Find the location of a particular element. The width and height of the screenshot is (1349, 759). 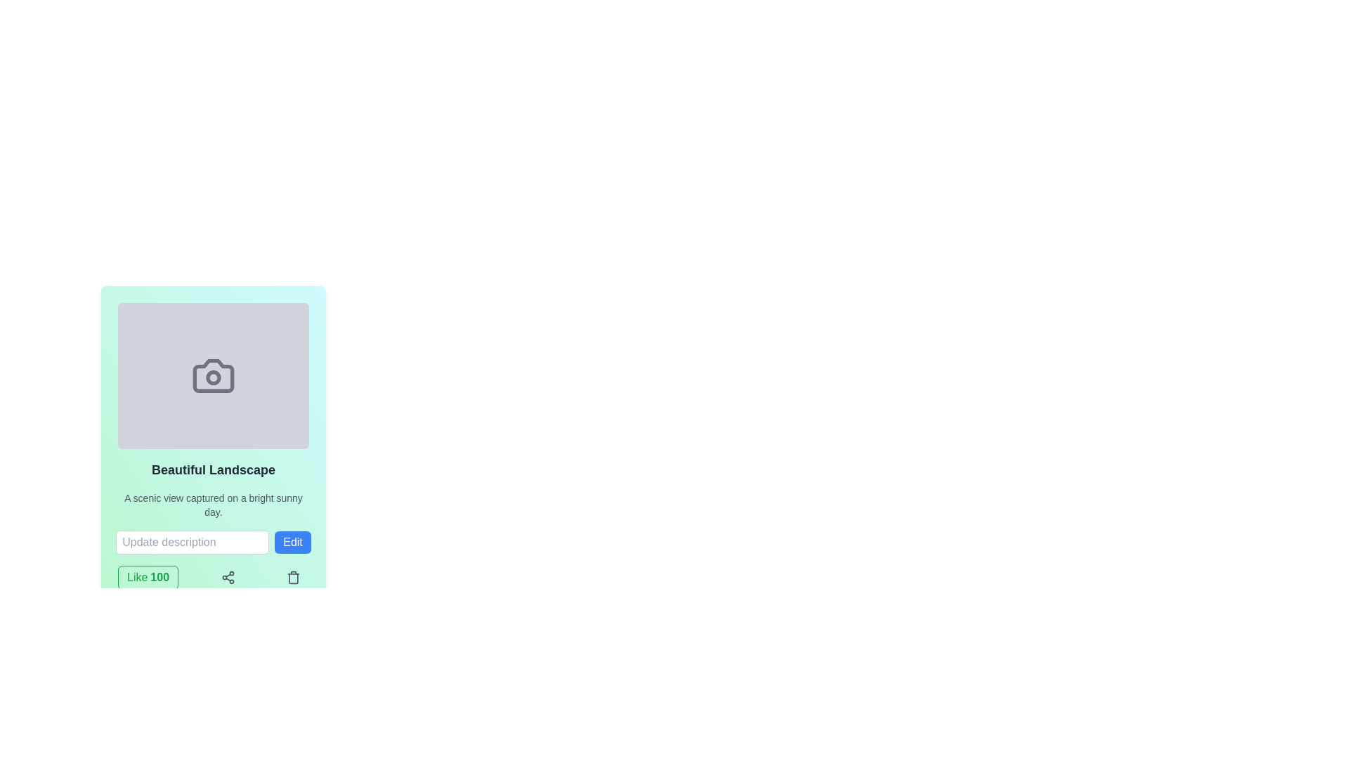

the submit button located to the right of the text input field is located at coordinates (292, 541).